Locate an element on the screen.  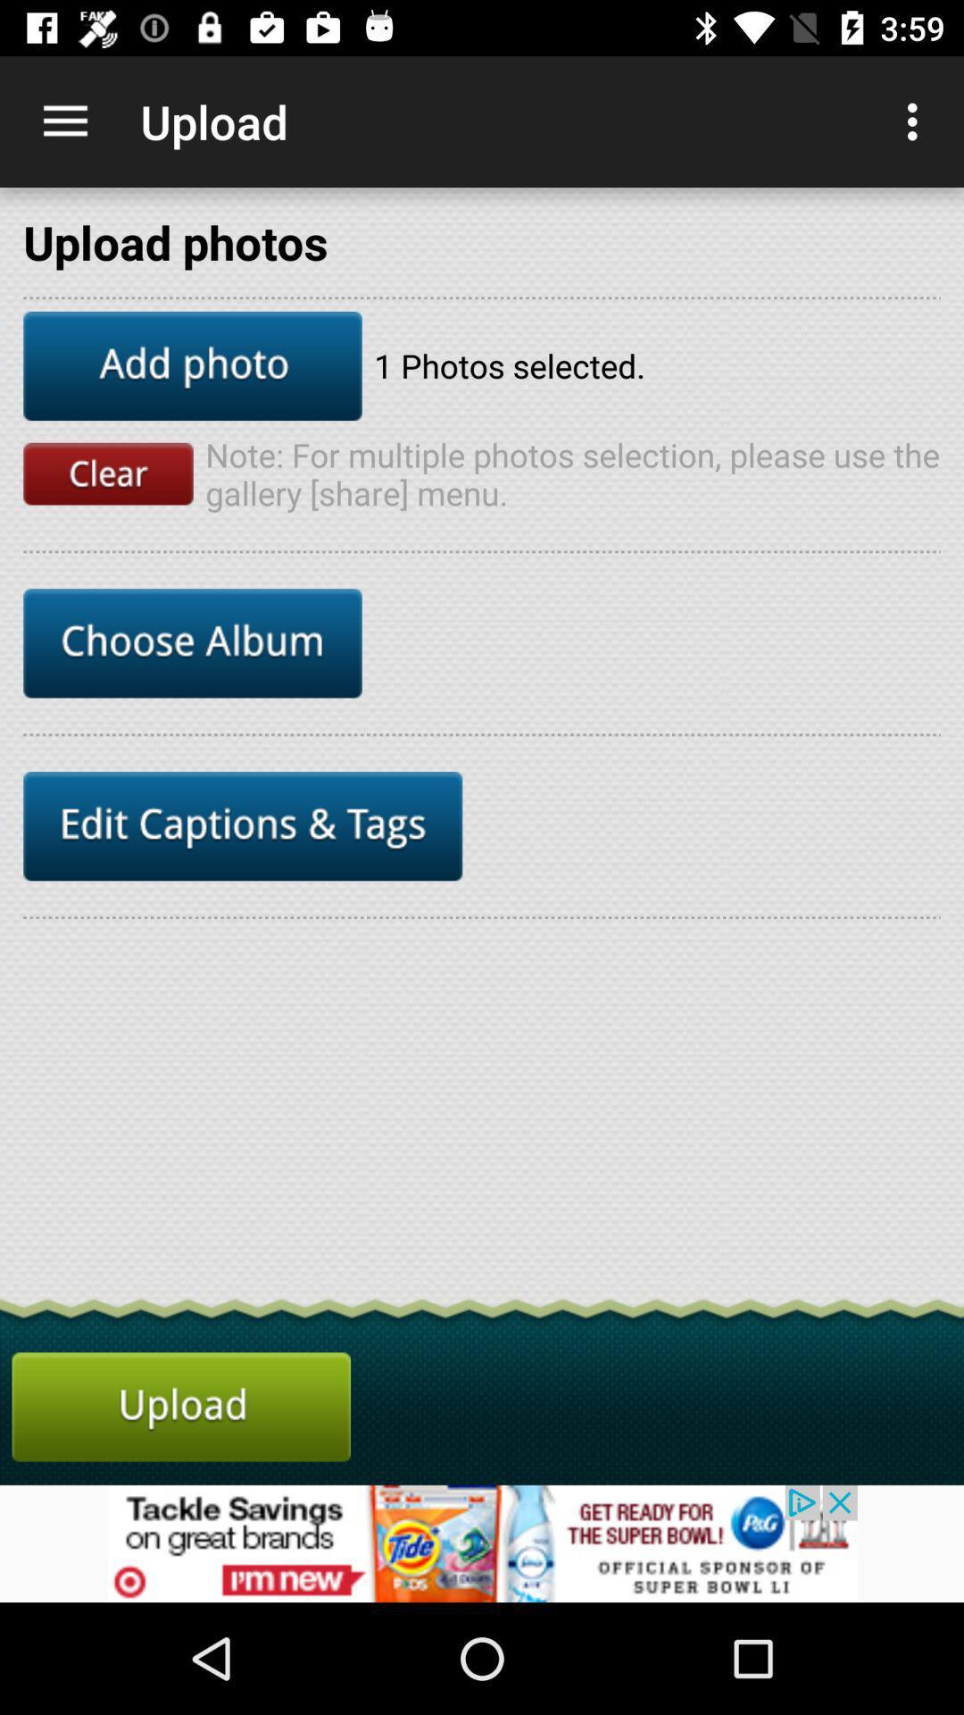
choose album button is located at coordinates (193, 643).